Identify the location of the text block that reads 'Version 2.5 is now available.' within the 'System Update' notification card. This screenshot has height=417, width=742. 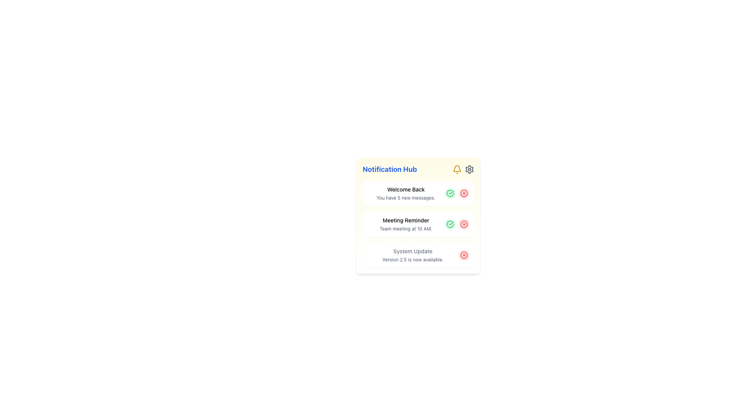
(412, 259).